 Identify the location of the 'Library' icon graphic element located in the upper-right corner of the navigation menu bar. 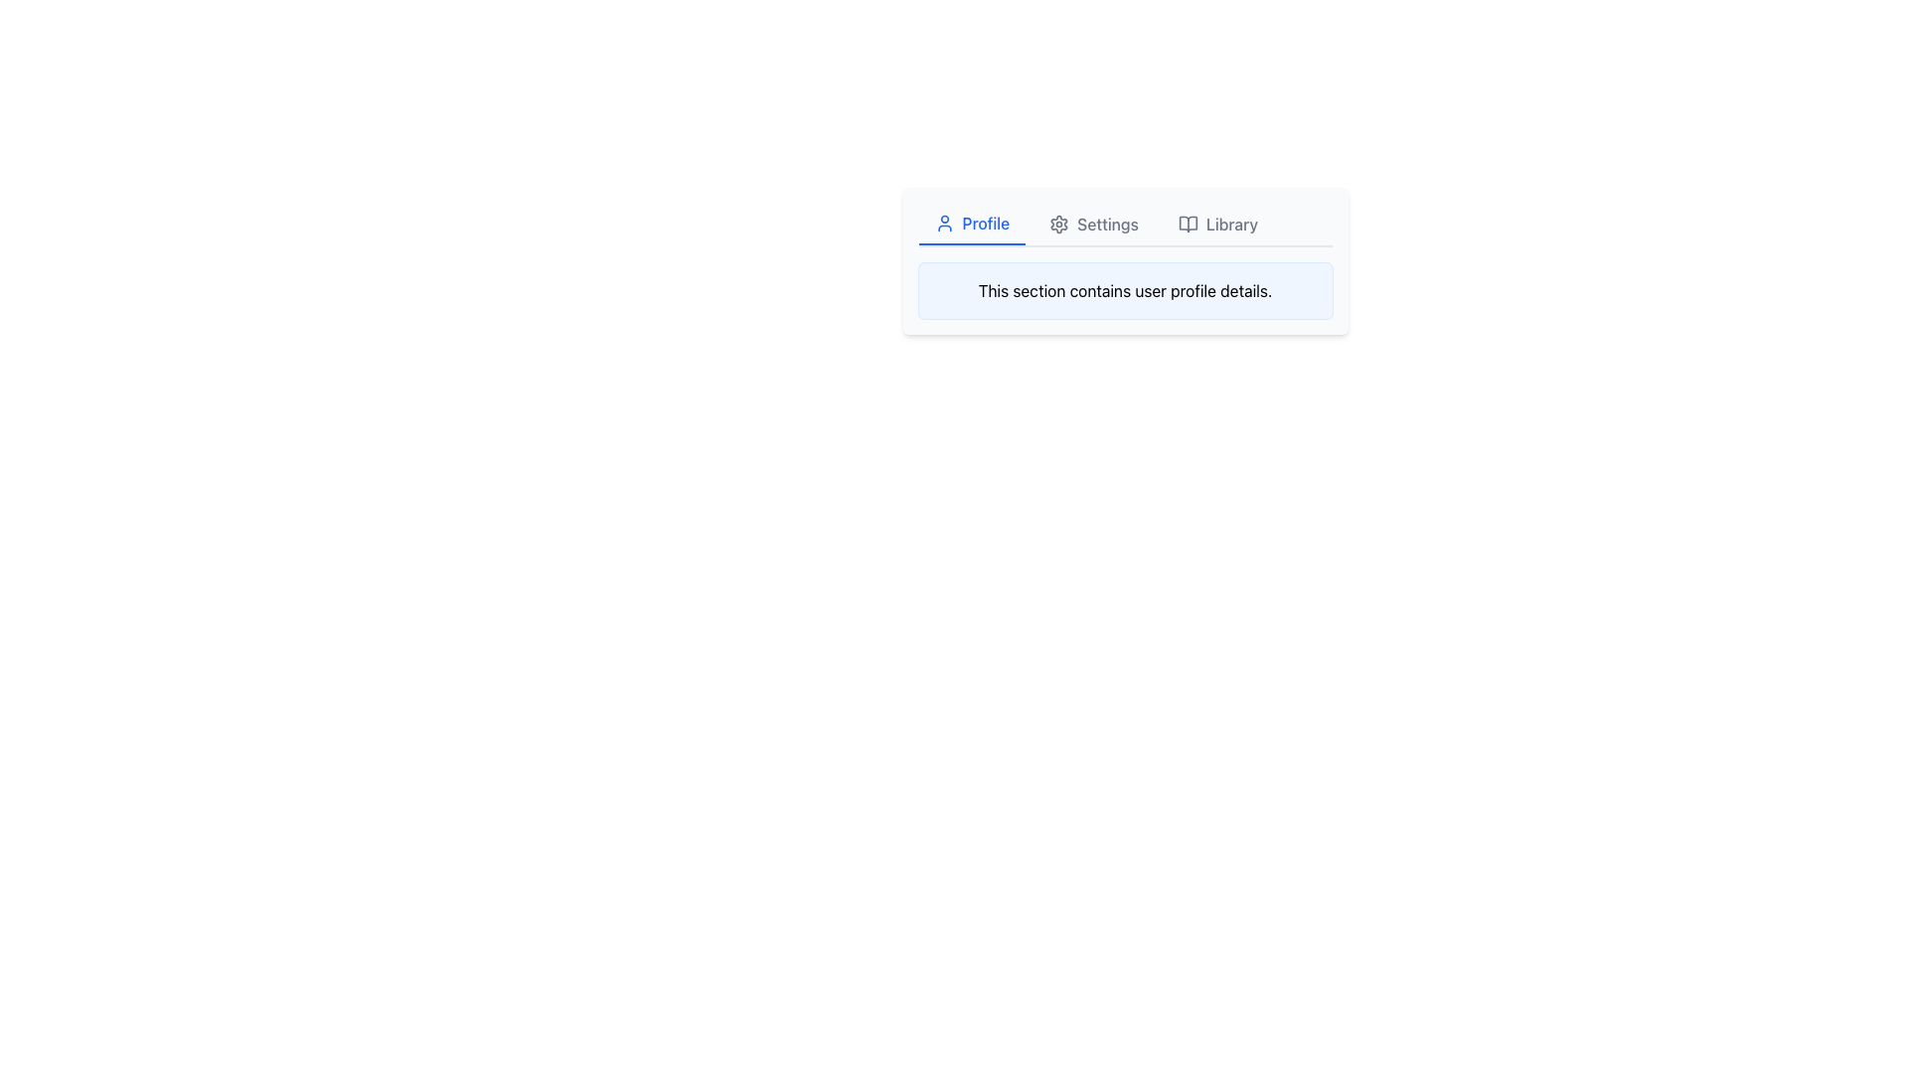
(1188, 224).